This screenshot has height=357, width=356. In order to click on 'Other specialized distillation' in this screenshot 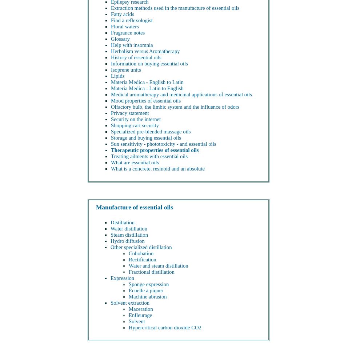, I will do `click(141, 247)`.